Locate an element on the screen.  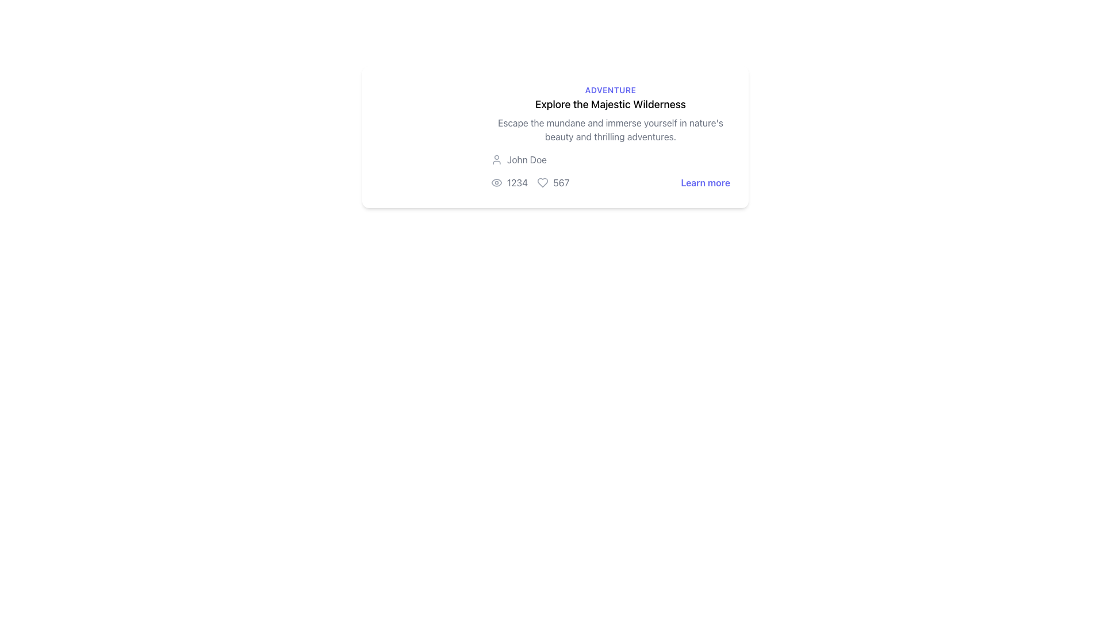
the text label displaying the count of likes or favorites, which is located to the right of the heart icon and below the adventure story description is located at coordinates (561, 182).